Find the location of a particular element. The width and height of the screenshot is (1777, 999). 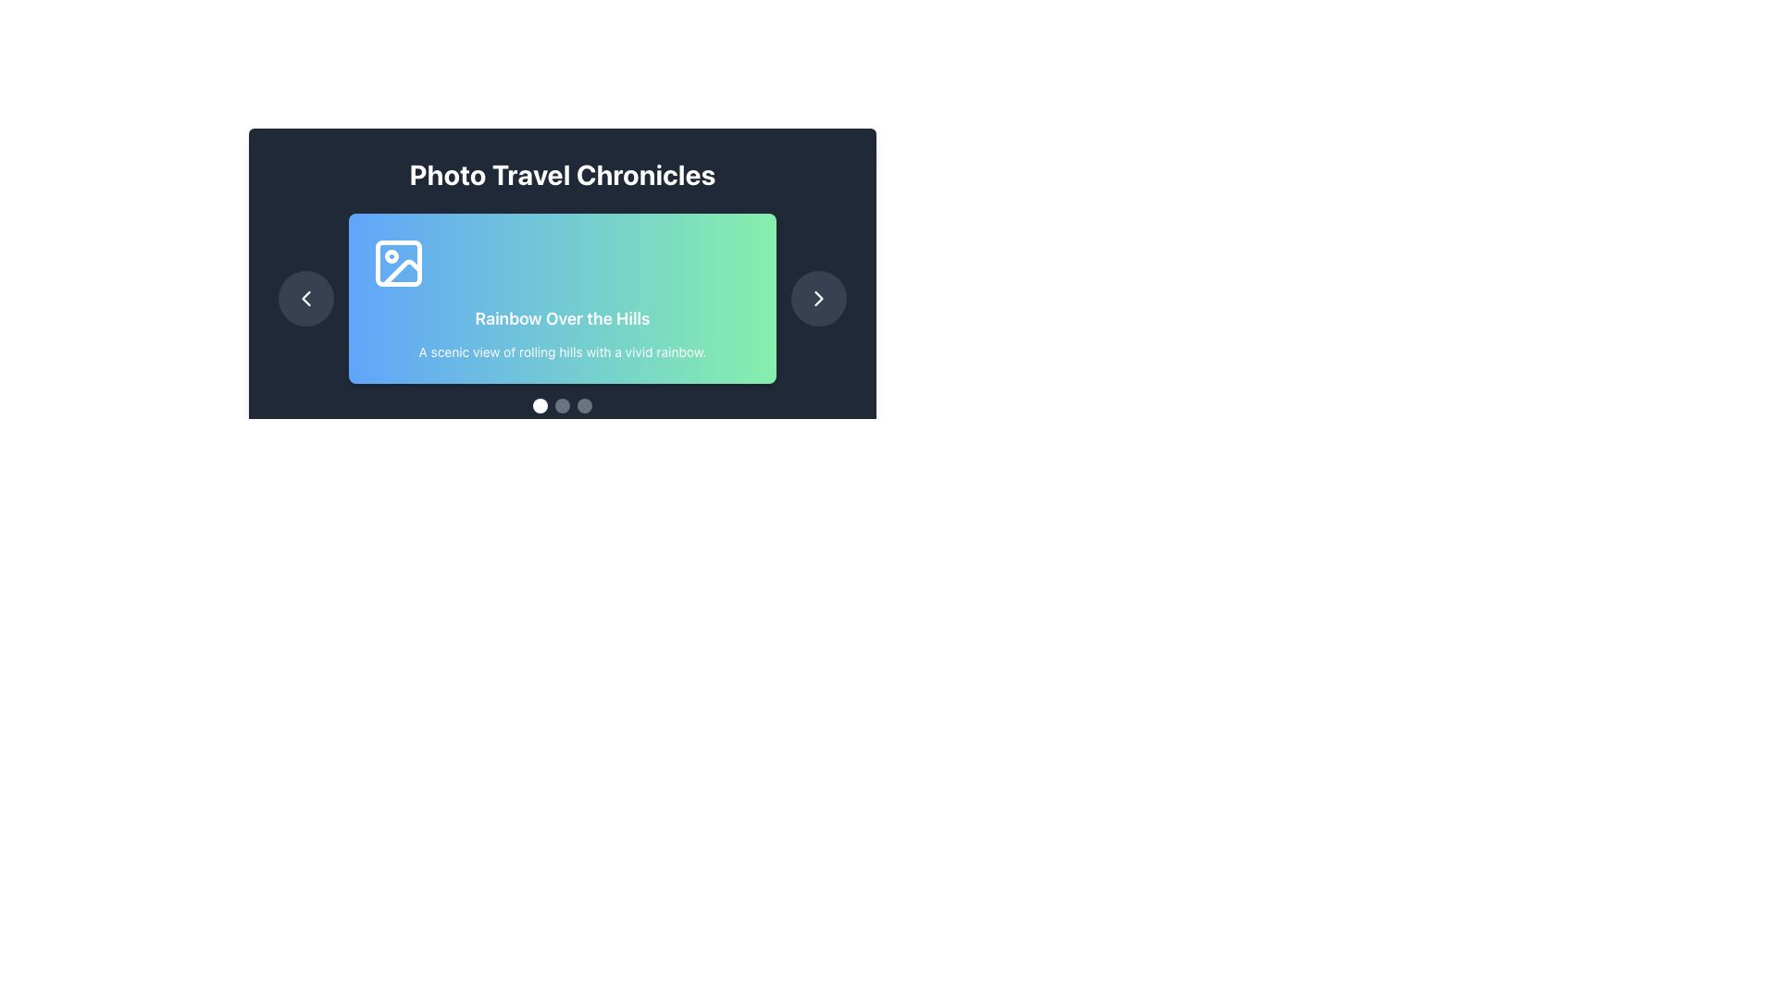

the rightward-pointing triangular arrow icon inside the circular navigation button is located at coordinates (817, 298).